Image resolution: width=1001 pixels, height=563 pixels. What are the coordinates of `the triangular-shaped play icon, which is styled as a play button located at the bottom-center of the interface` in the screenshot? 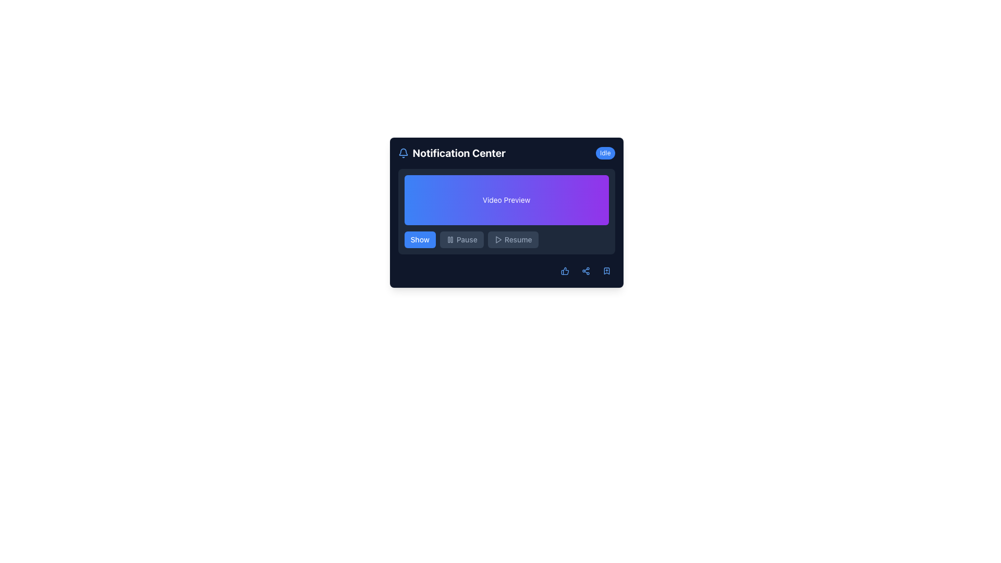 It's located at (498, 239).